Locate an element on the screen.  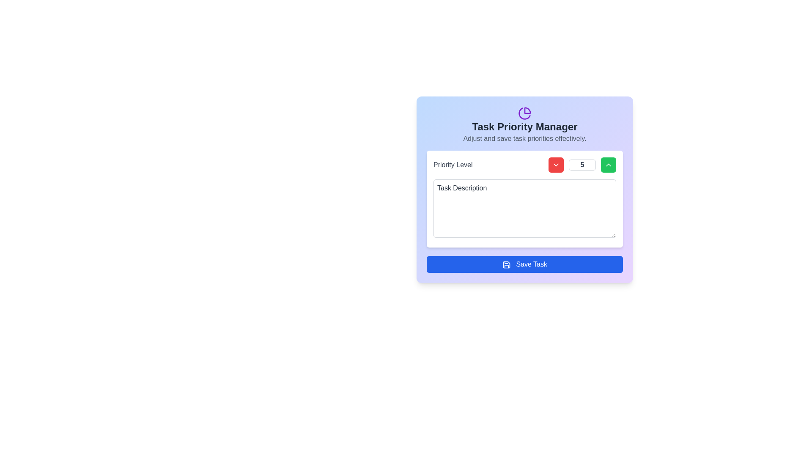
the decorative icon located at the top center of the 'Task Priority Manager' panel, directly above the title text is located at coordinates (524, 113).